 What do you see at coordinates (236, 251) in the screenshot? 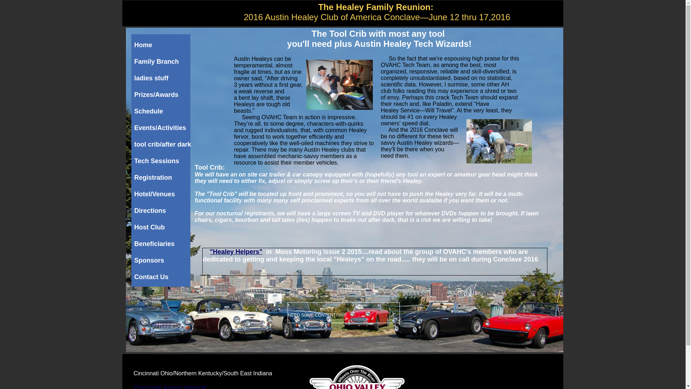
I see `'"Healey Helpers"'` at bounding box center [236, 251].